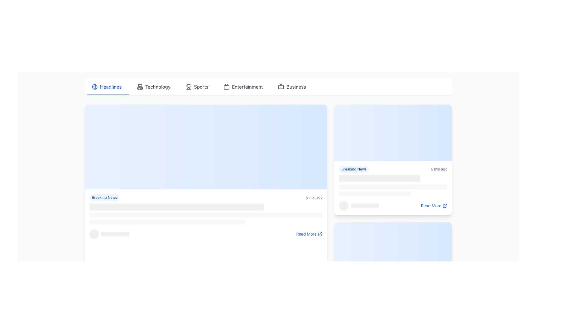 The image size is (565, 318). What do you see at coordinates (393, 296) in the screenshot?
I see `the loading state placeholder element that indicates content is being loaded, positioned below the 'Breaking News' badge and timestamp` at bounding box center [393, 296].